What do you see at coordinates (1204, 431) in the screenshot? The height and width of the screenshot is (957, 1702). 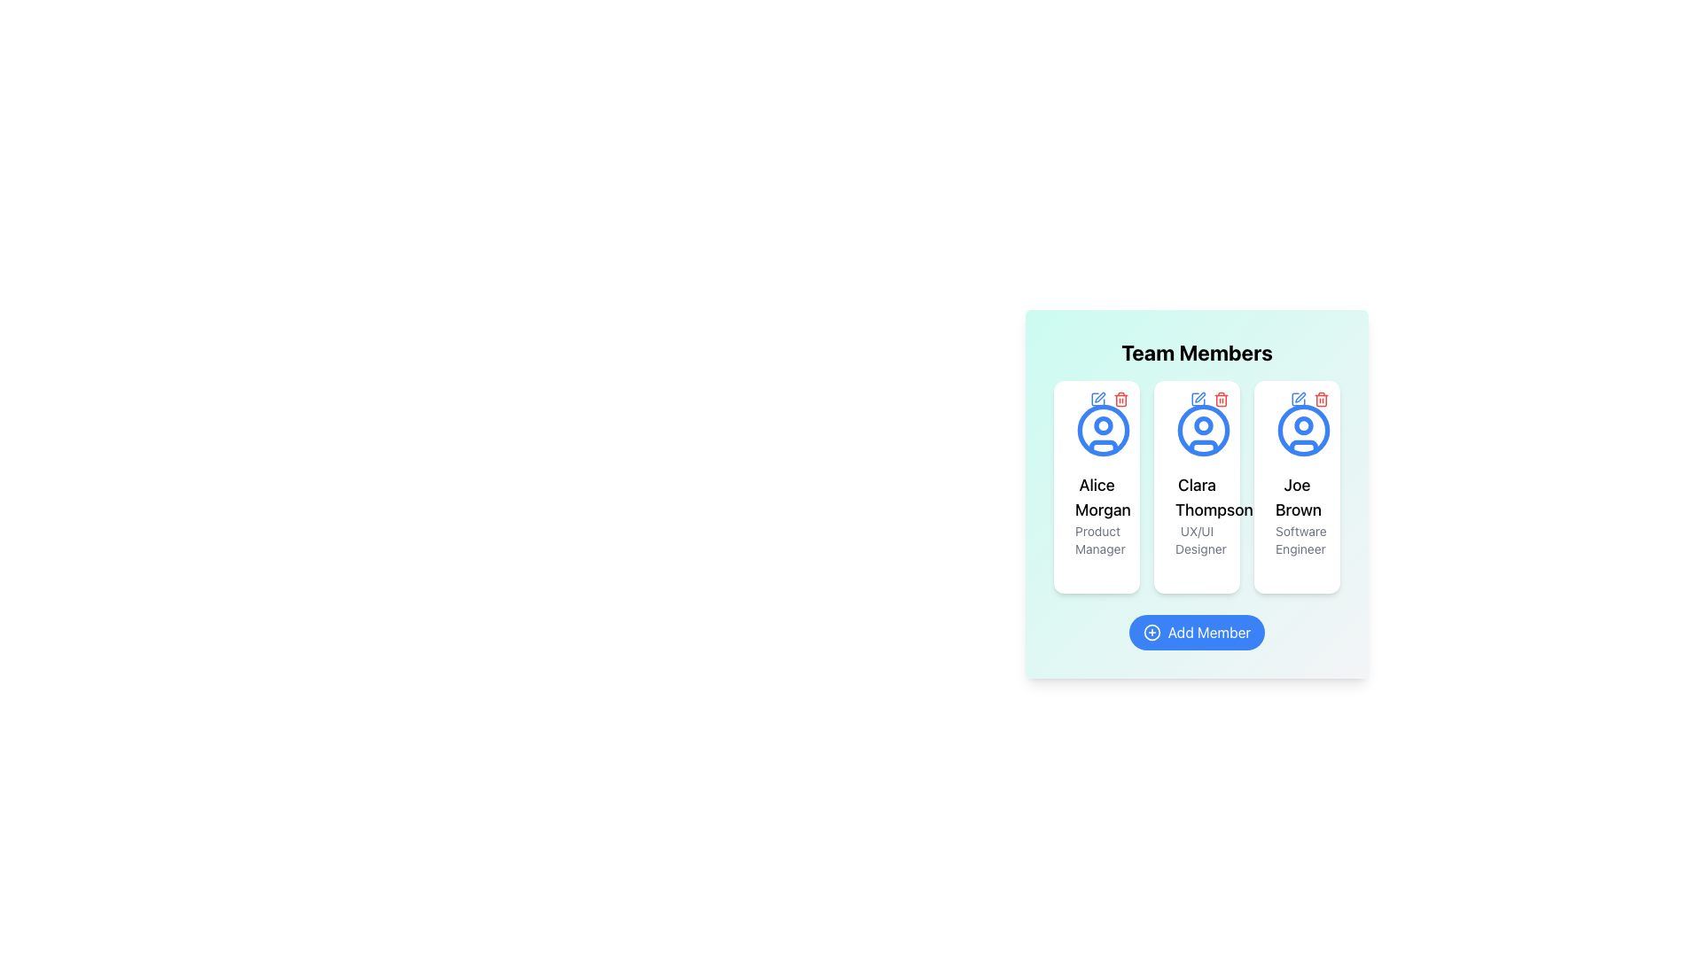 I see `the graphic icon representing the profile of 'Clara Thompson', located at the top-center of the card` at bounding box center [1204, 431].